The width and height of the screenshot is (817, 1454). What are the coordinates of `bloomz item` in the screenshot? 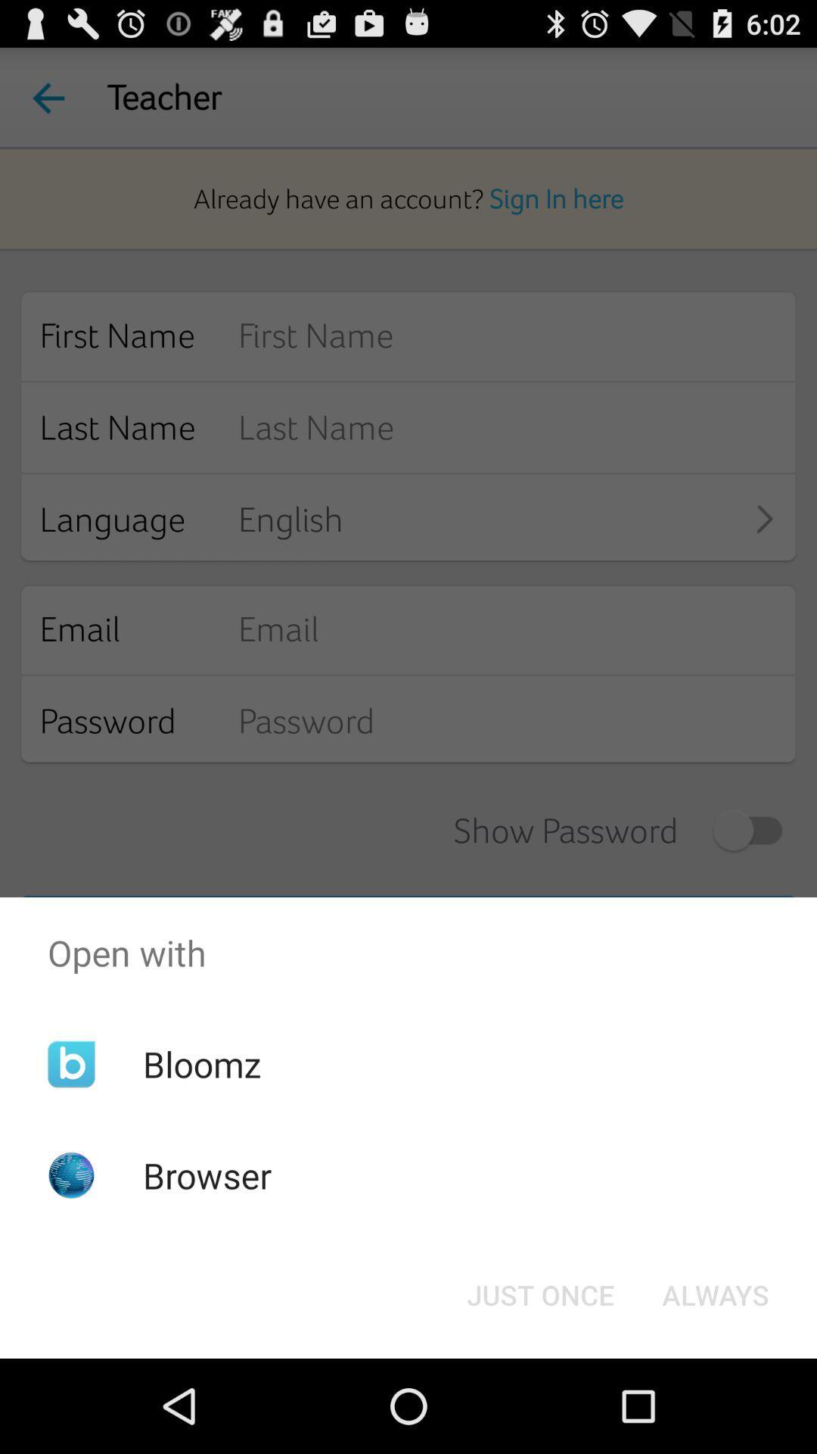 It's located at (201, 1063).